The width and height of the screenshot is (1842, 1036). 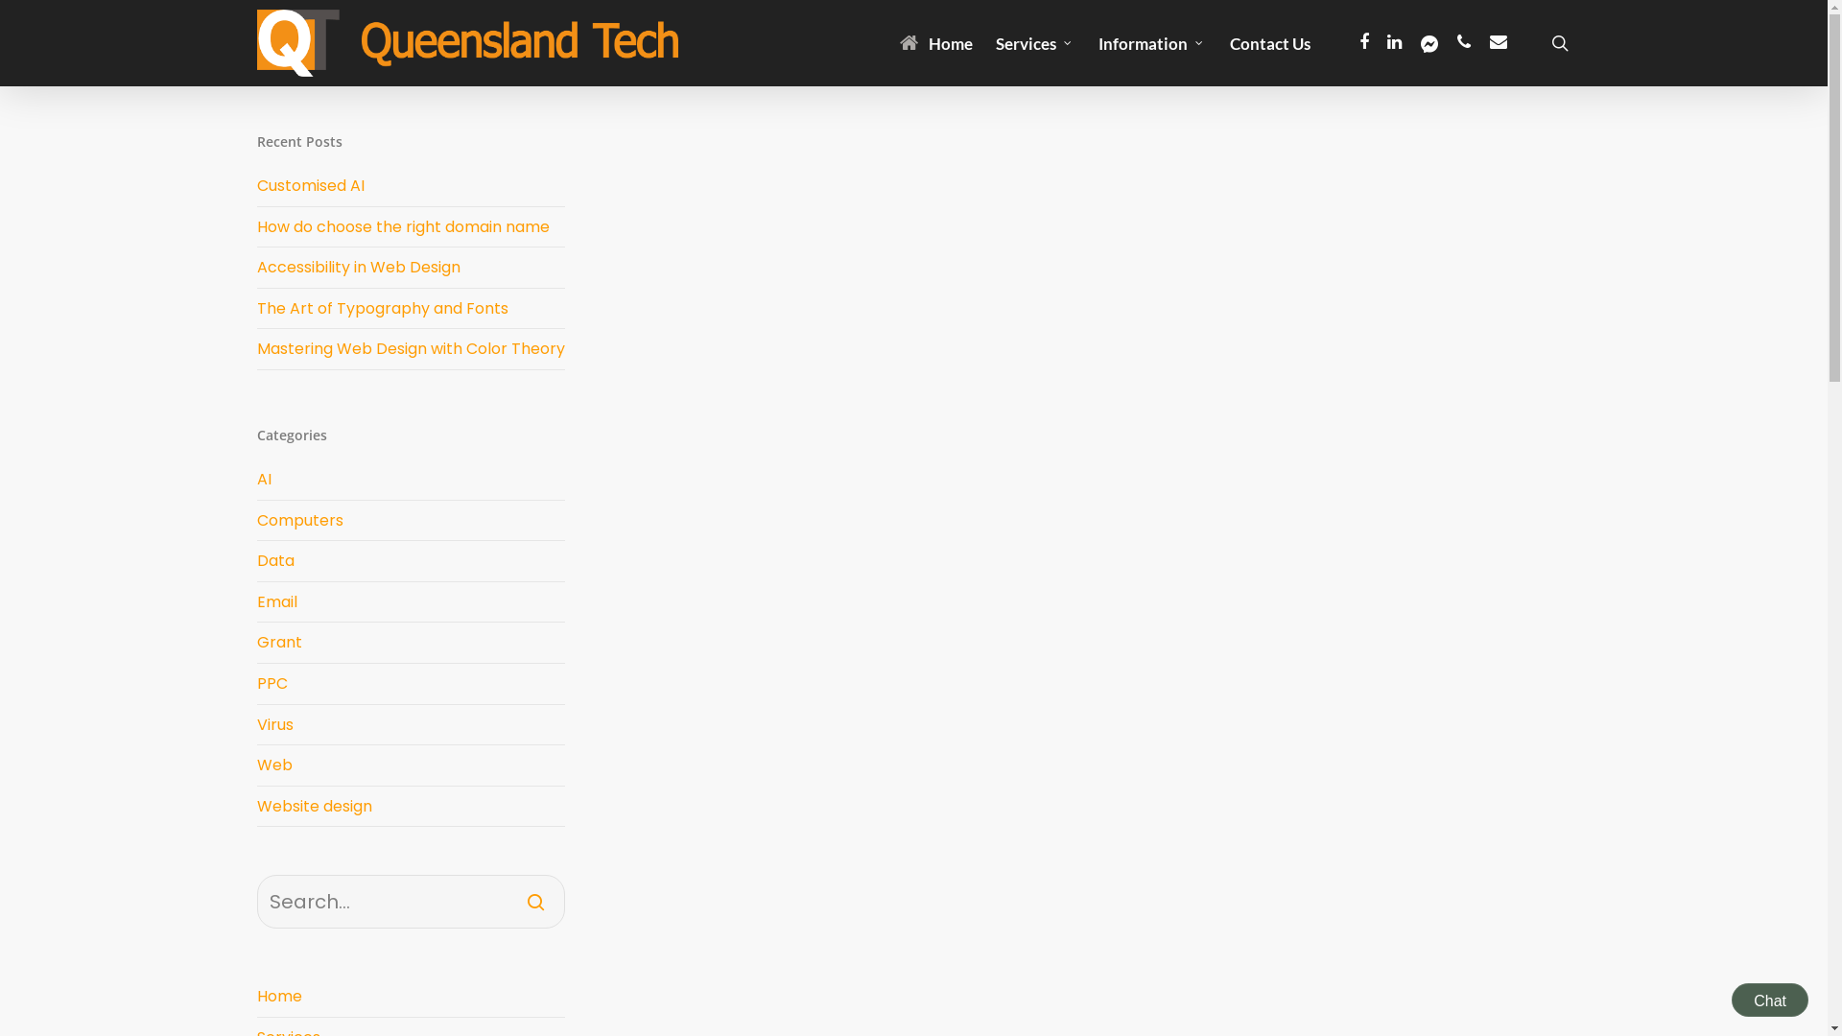 What do you see at coordinates (1731, 999) in the screenshot?
I see `'Chat'` at bounding box center [1731, 999].